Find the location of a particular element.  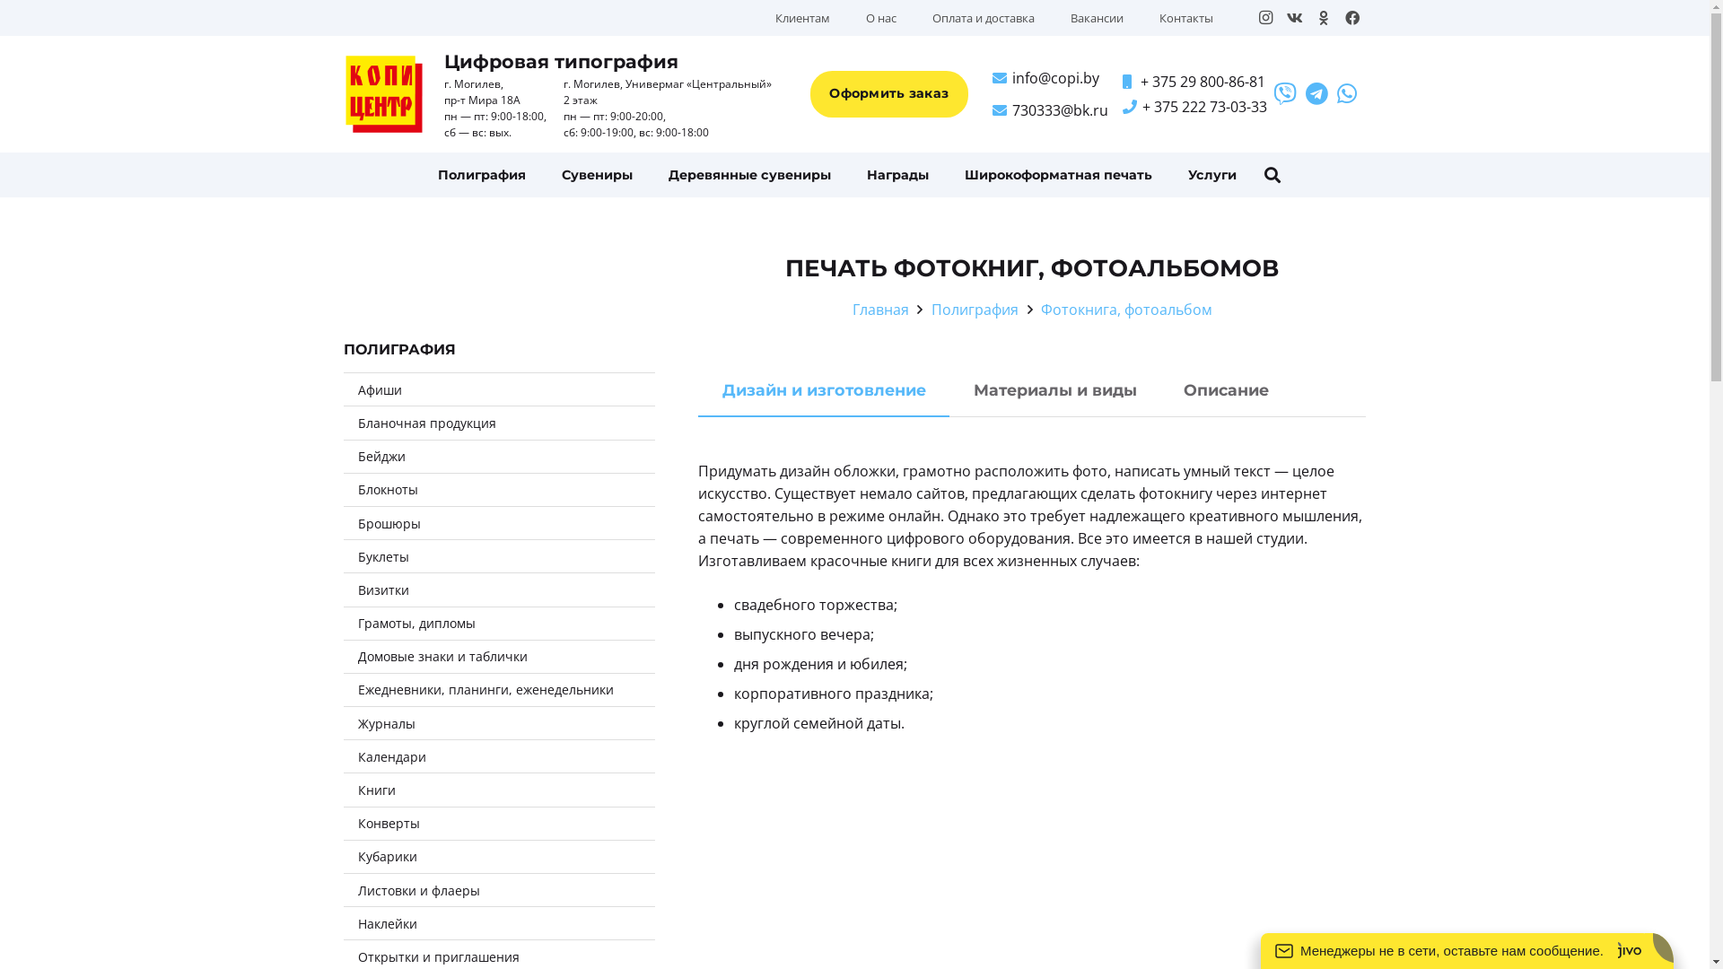

'Odnoklassniki' is located at coordinates (1322, 17).